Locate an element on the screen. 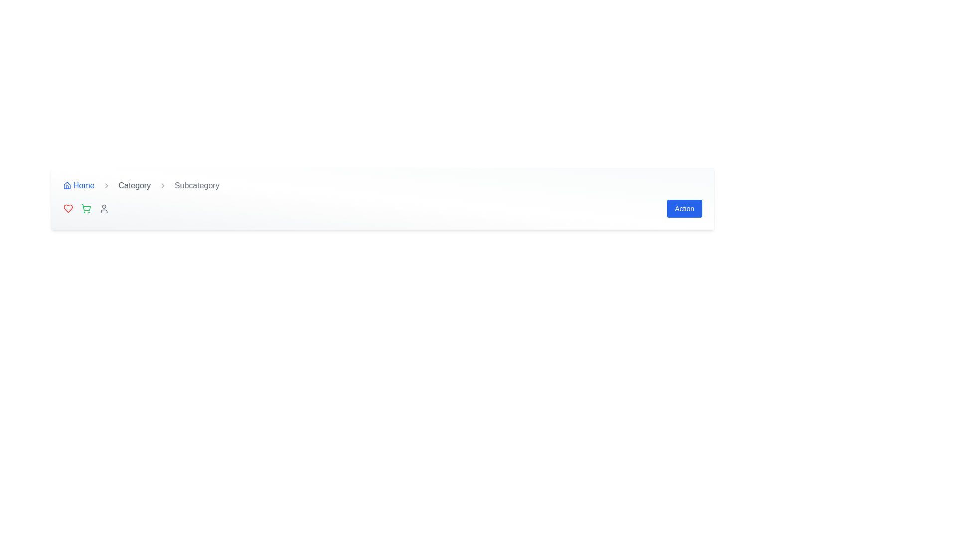 Image resolution: width=957 pixels, height=538 pixels. the heart icon, which indicates the 'favorites' or 'liked items' section is located at coordinates (68, 208).